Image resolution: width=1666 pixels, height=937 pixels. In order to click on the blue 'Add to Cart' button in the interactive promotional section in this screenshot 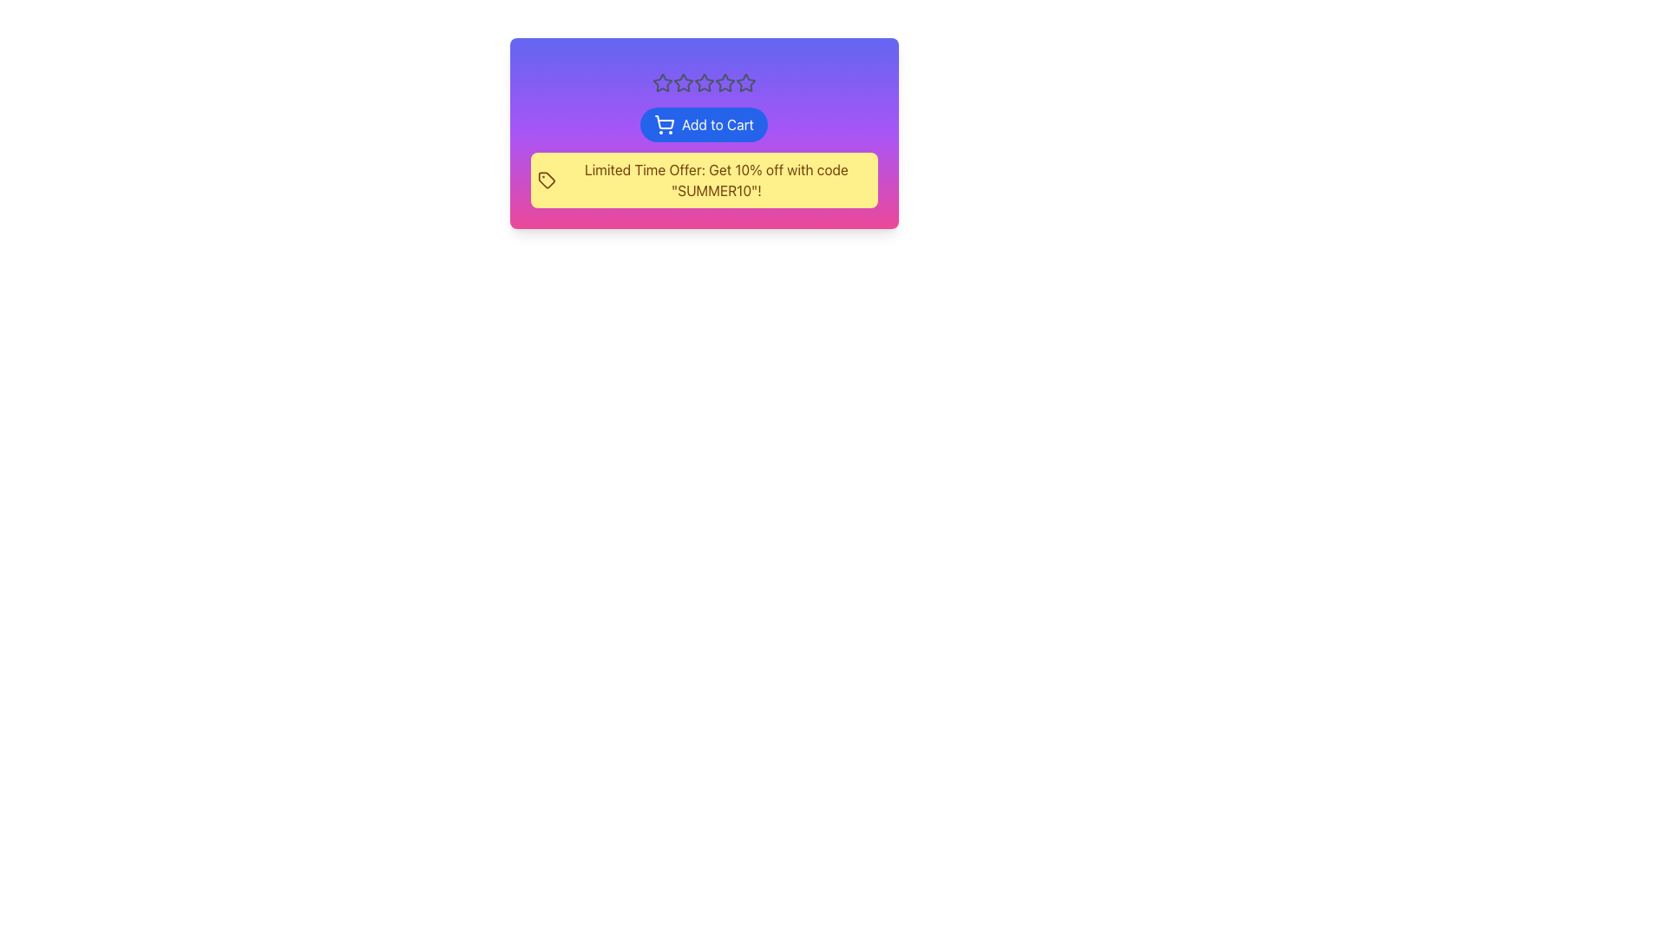, I will do `click(704, 133)`.